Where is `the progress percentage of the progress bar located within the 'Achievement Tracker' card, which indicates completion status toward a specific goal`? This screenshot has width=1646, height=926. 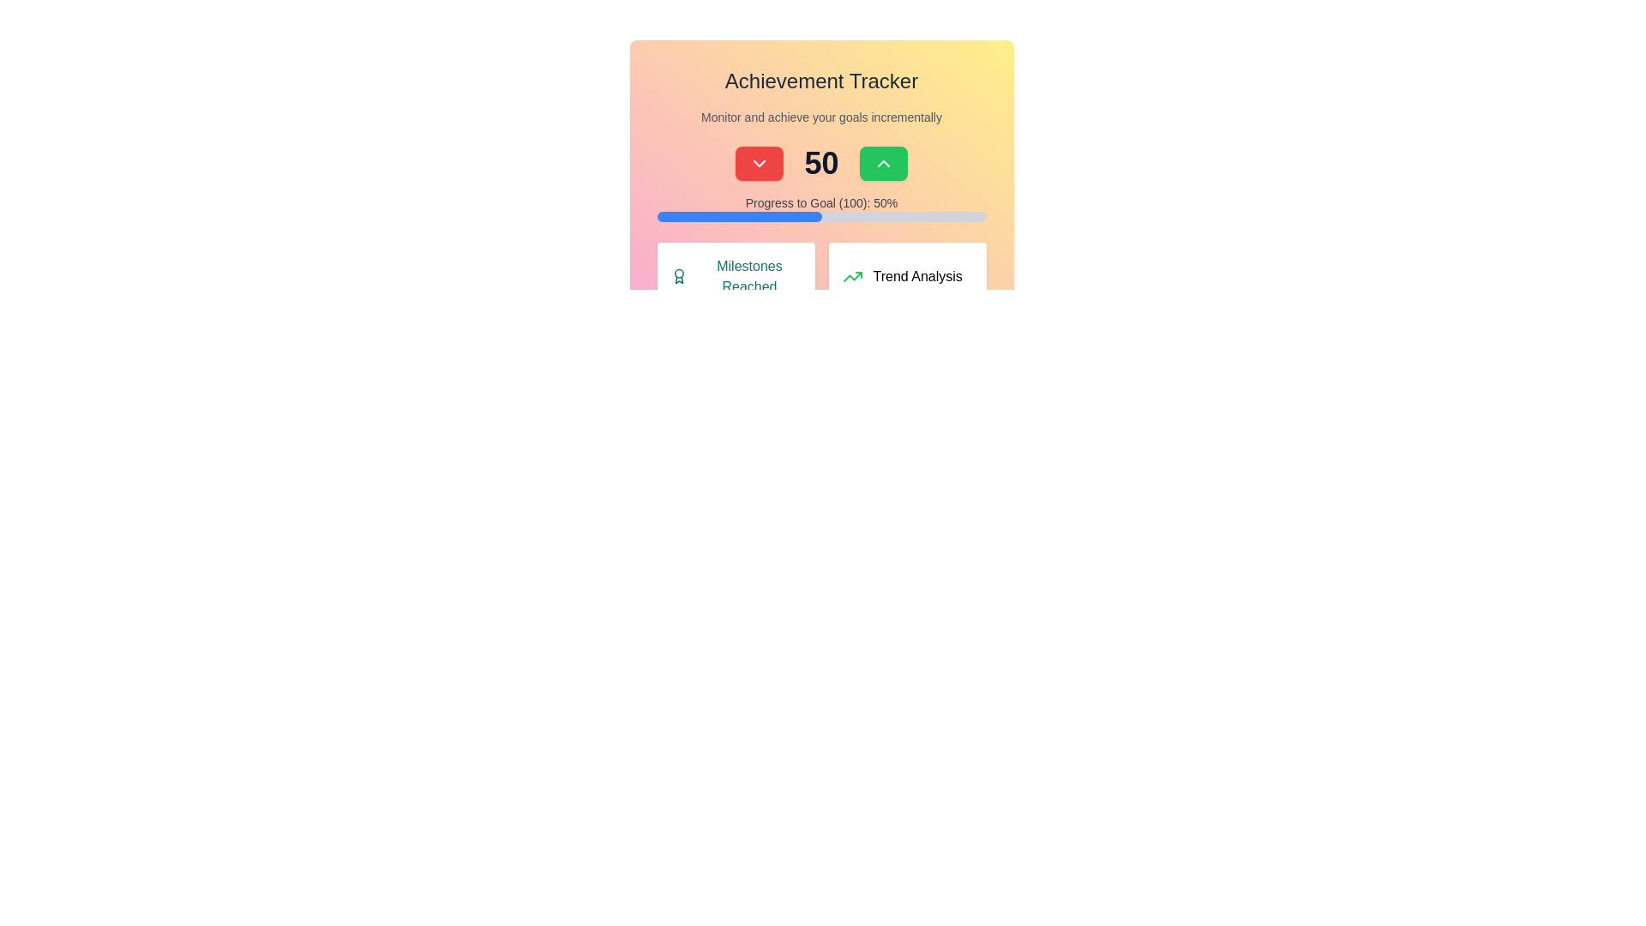 the progress percentage of the progress bar located within the 'Achievement Tracker' card, which indicates completion status toward a specific goal is located at coordinates (820, 207).